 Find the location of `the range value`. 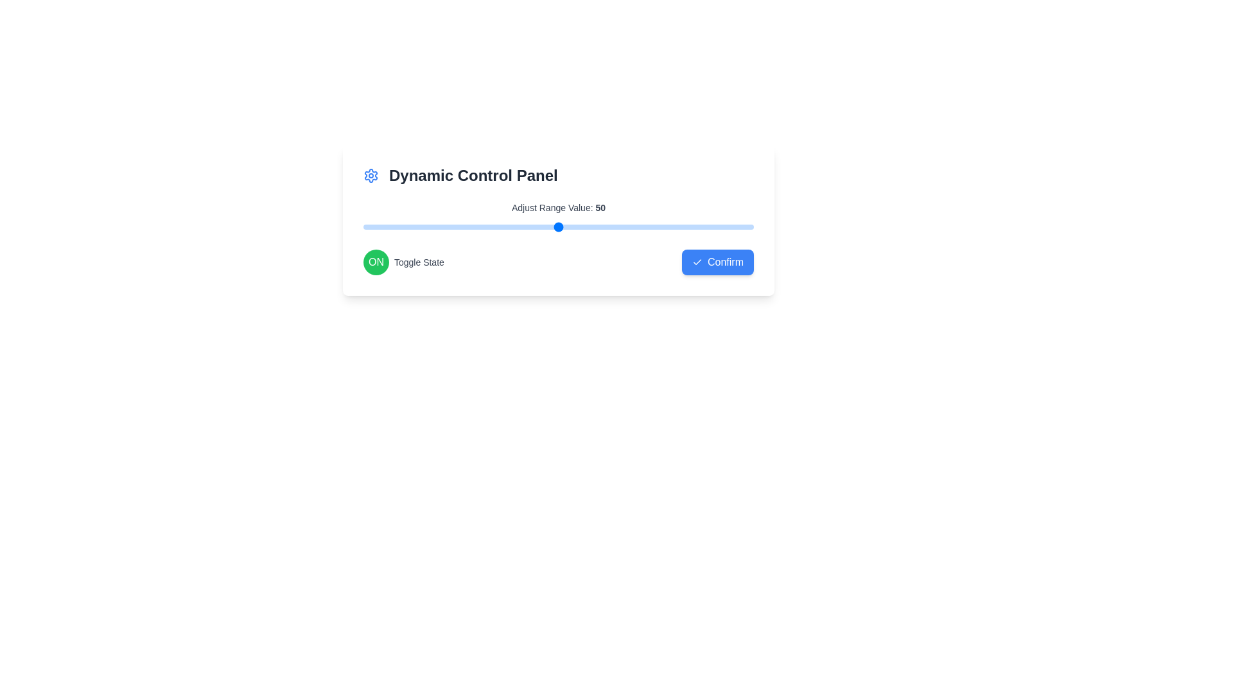

the range value is located at coordinates (472, 227).